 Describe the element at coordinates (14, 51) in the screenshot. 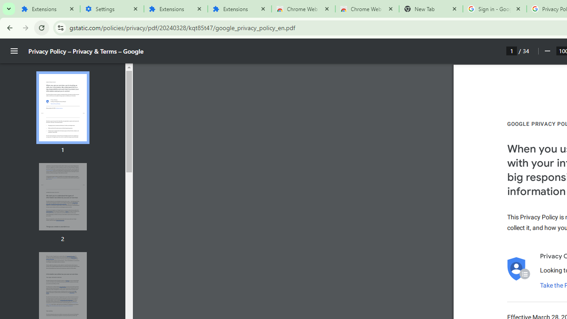

I see `'Menu'` at that location.